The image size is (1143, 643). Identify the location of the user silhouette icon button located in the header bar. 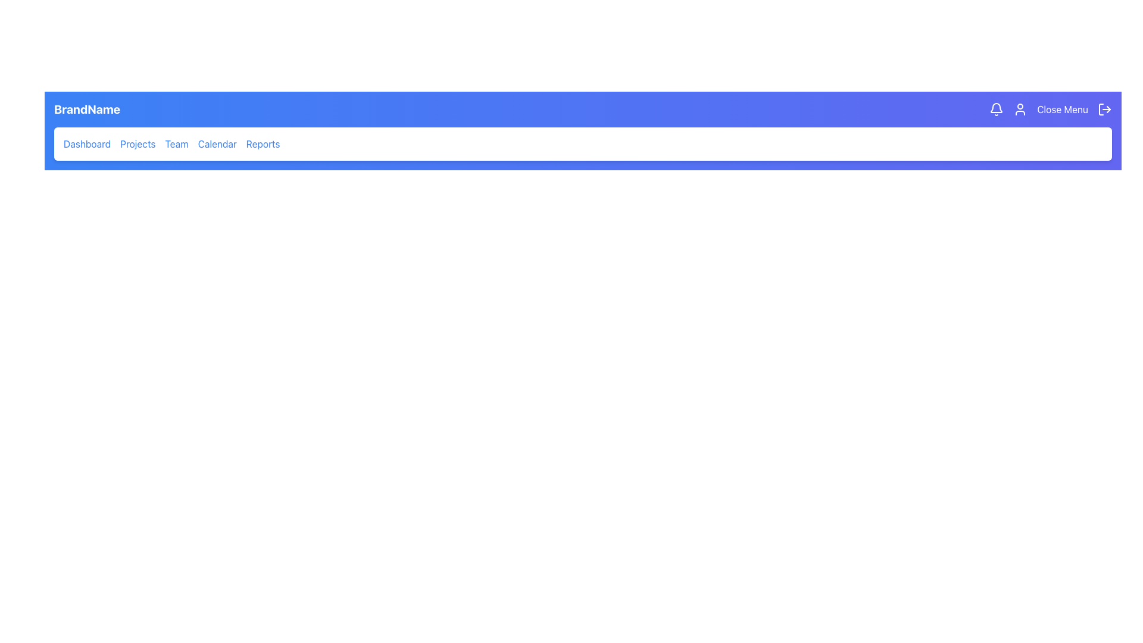
(1020, 110).